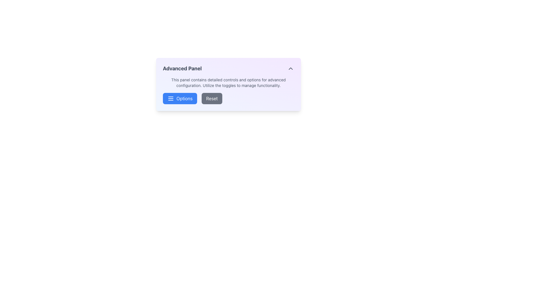  What do you see at coordinates (228, 98) in the screenshot?
I see `the 'Reset' button located in the Button group under the 'Advanced Panel'` at bounding box center [228, 98].